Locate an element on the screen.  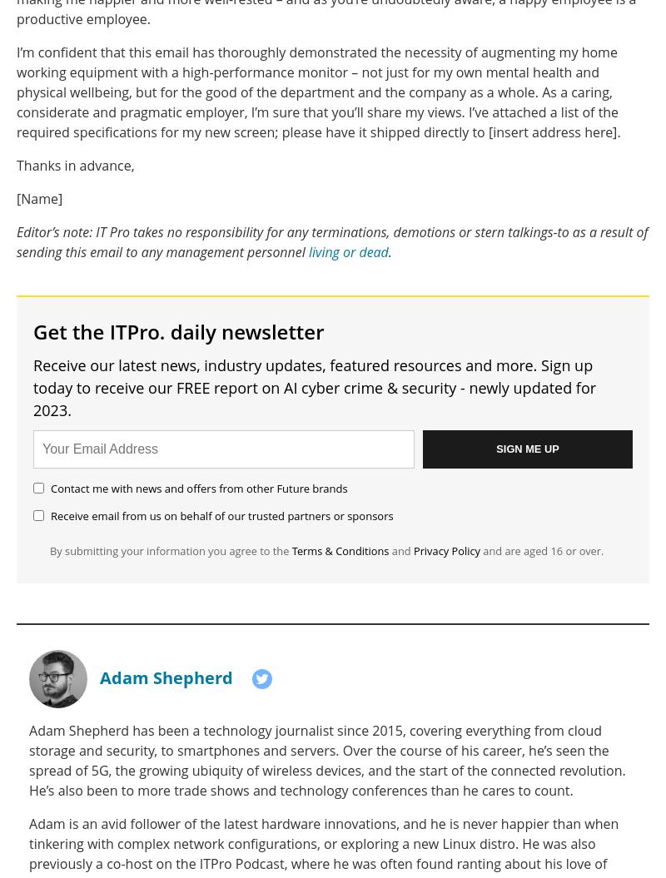
'Receive email from us on behalf of our trusted partners or sponsors' is located at coordinates (221, 516).